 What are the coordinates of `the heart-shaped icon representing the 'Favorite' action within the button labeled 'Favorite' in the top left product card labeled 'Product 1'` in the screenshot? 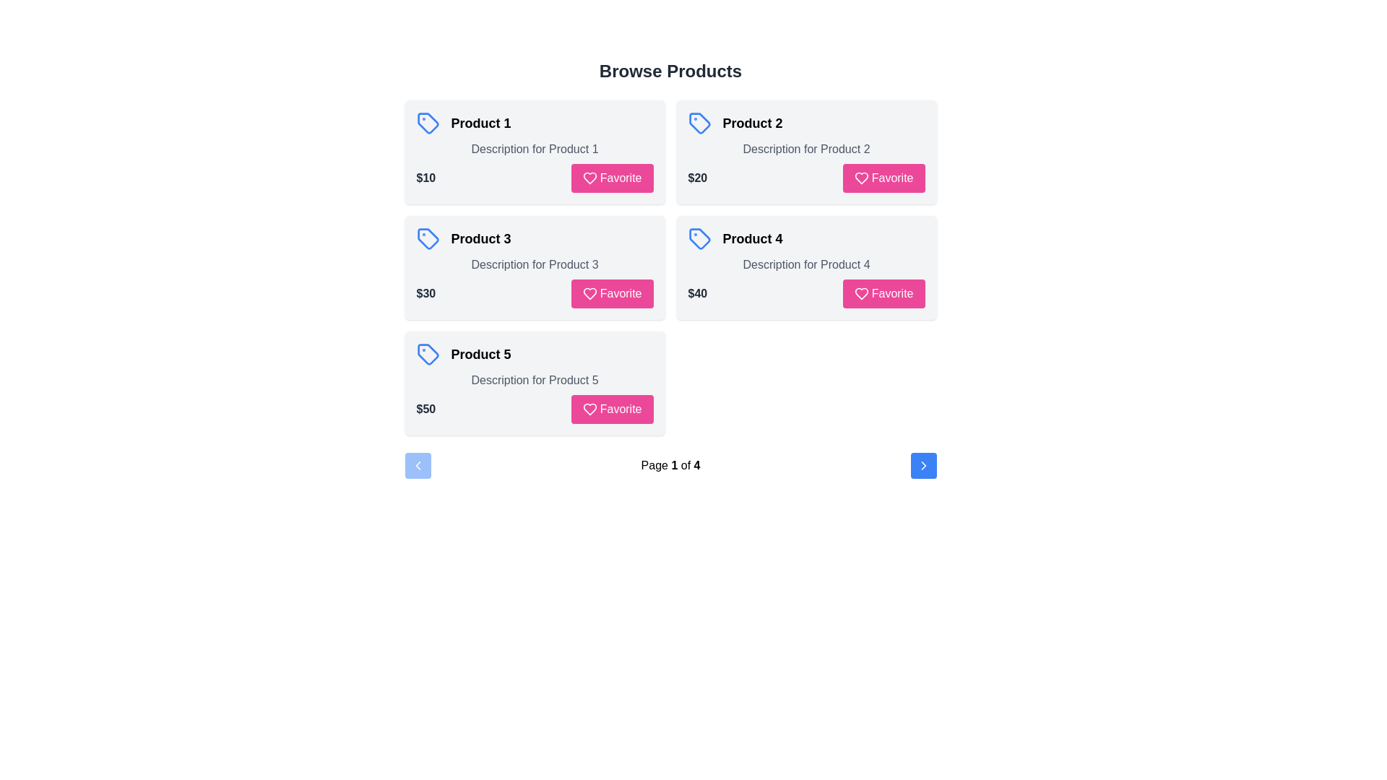 It's located at (589, 177).